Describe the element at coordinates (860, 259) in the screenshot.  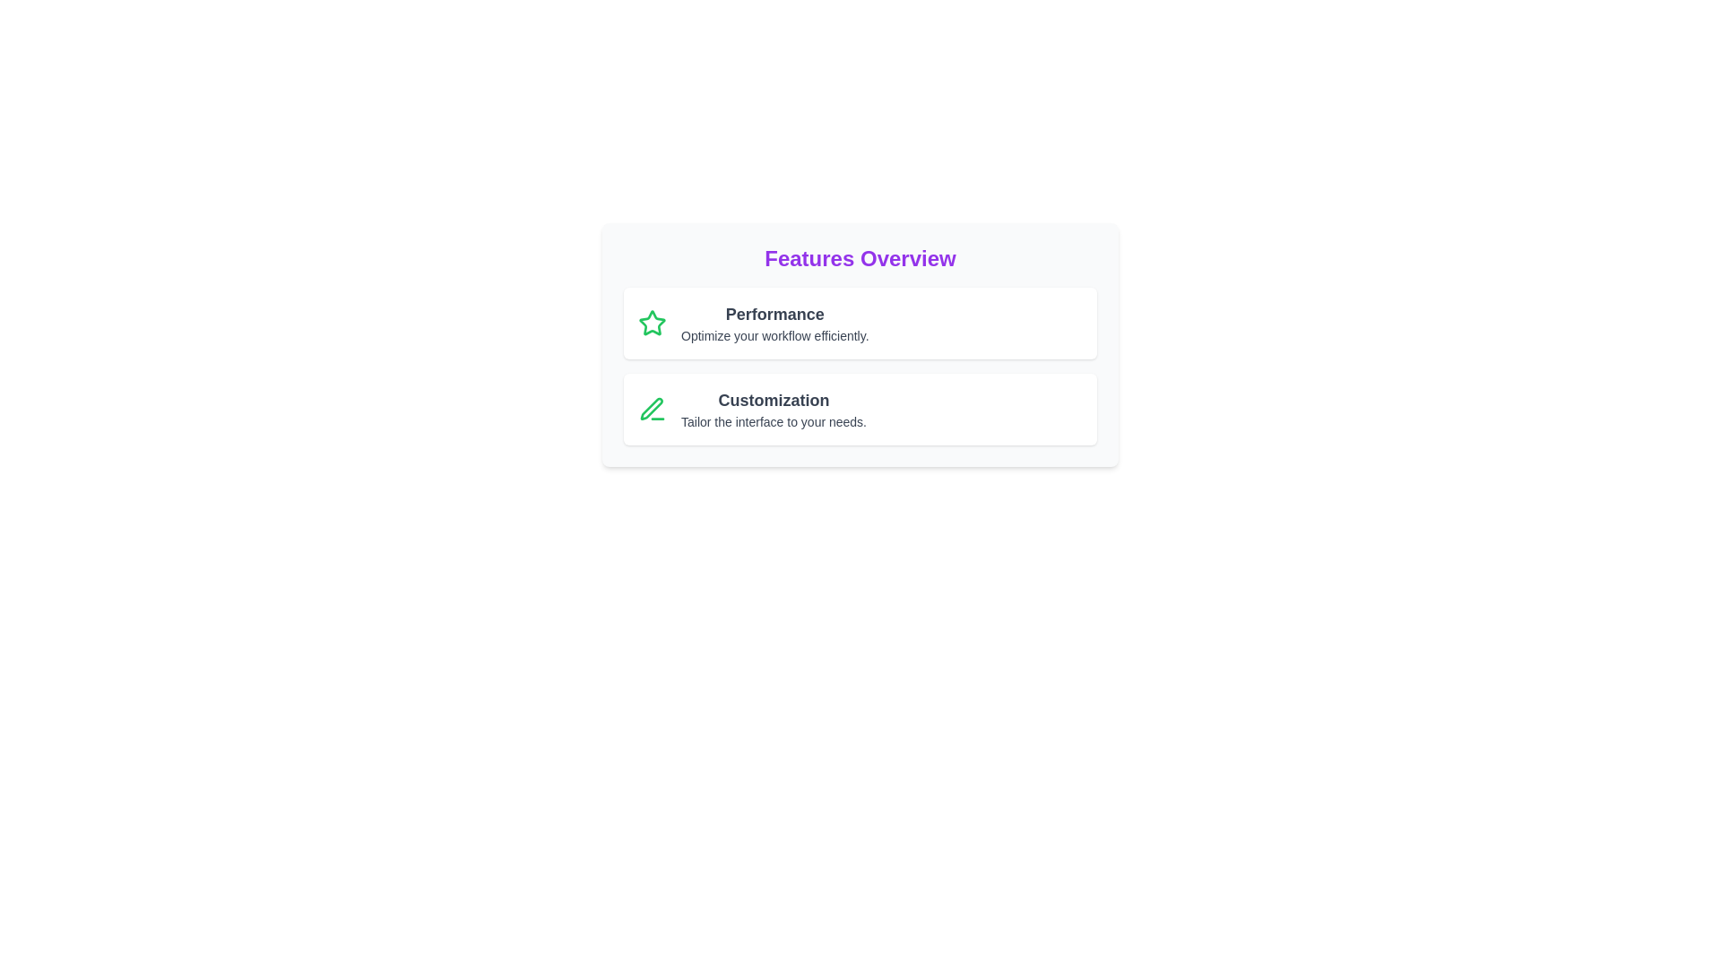
I see `bold purple text label that says 'Features Overview', which is prominently positioned at the top of the card layout` at that location.